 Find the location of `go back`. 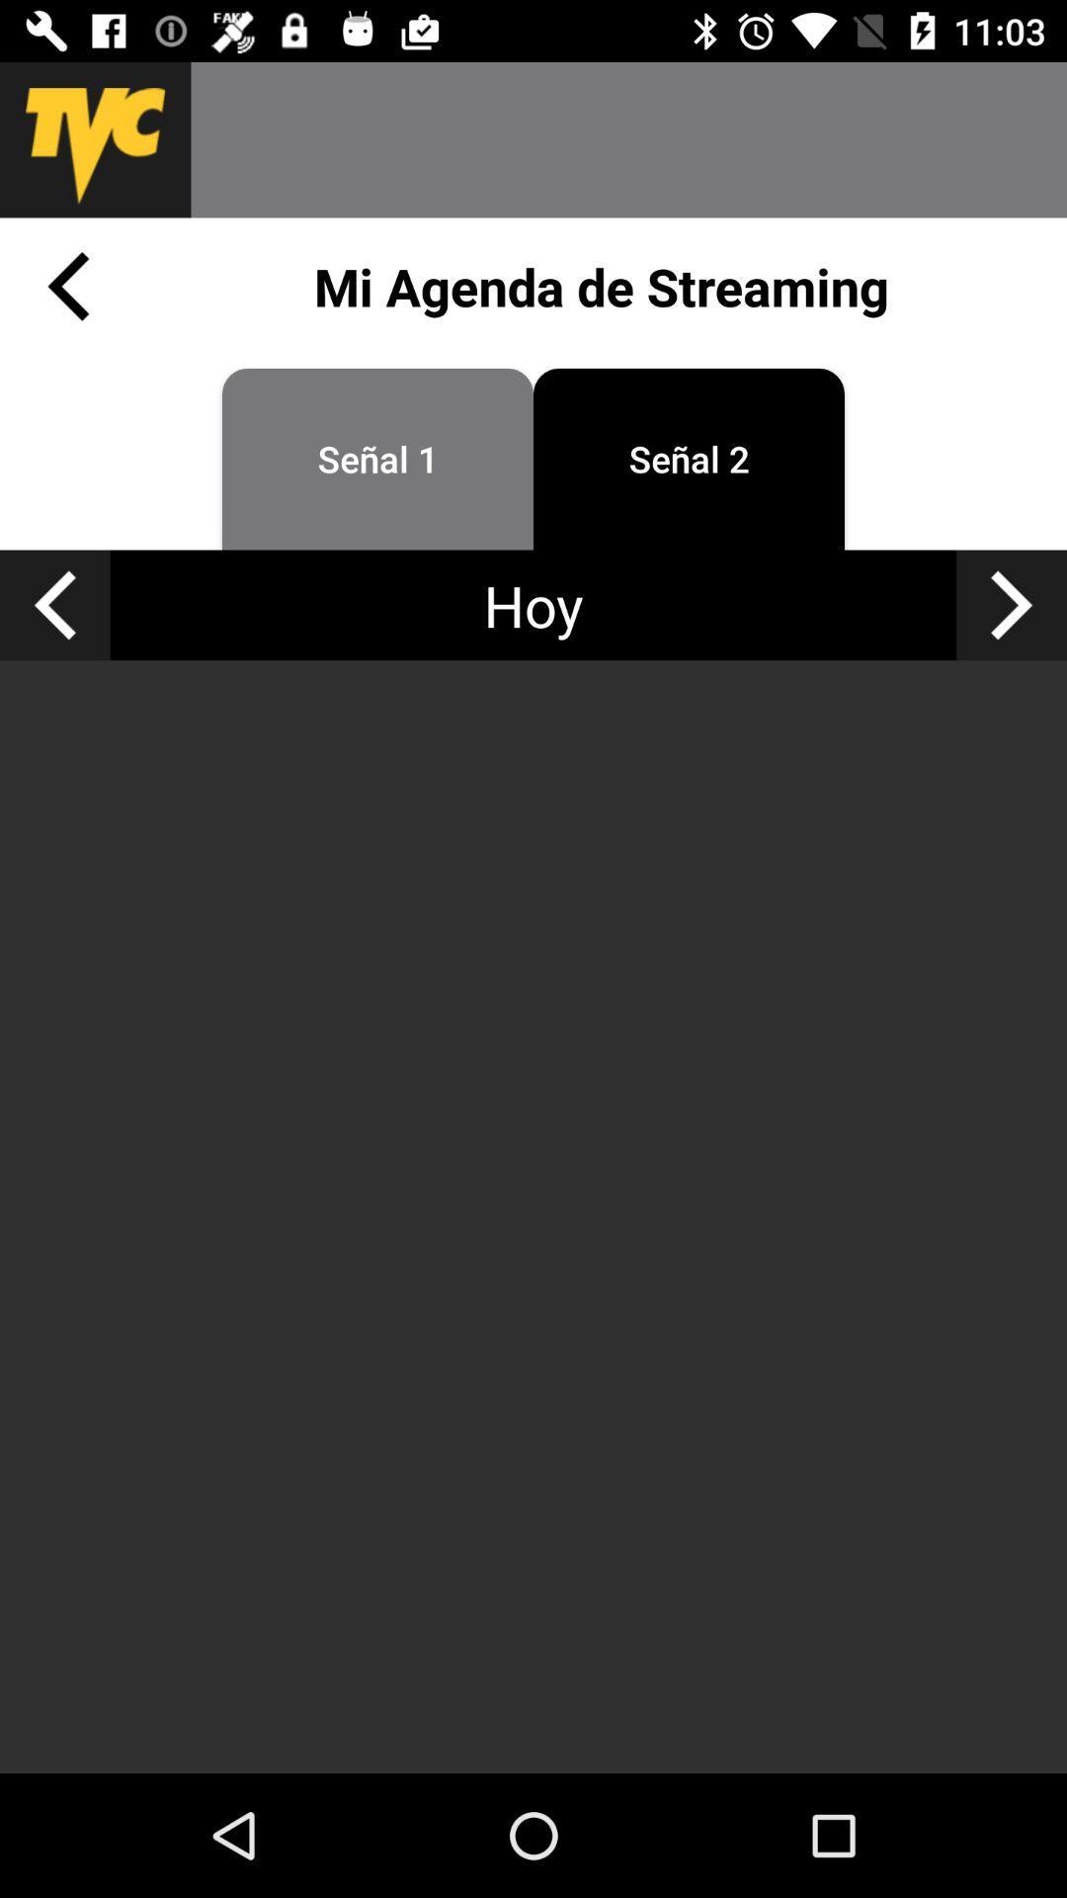

go back is located at coordinates (67, 285).